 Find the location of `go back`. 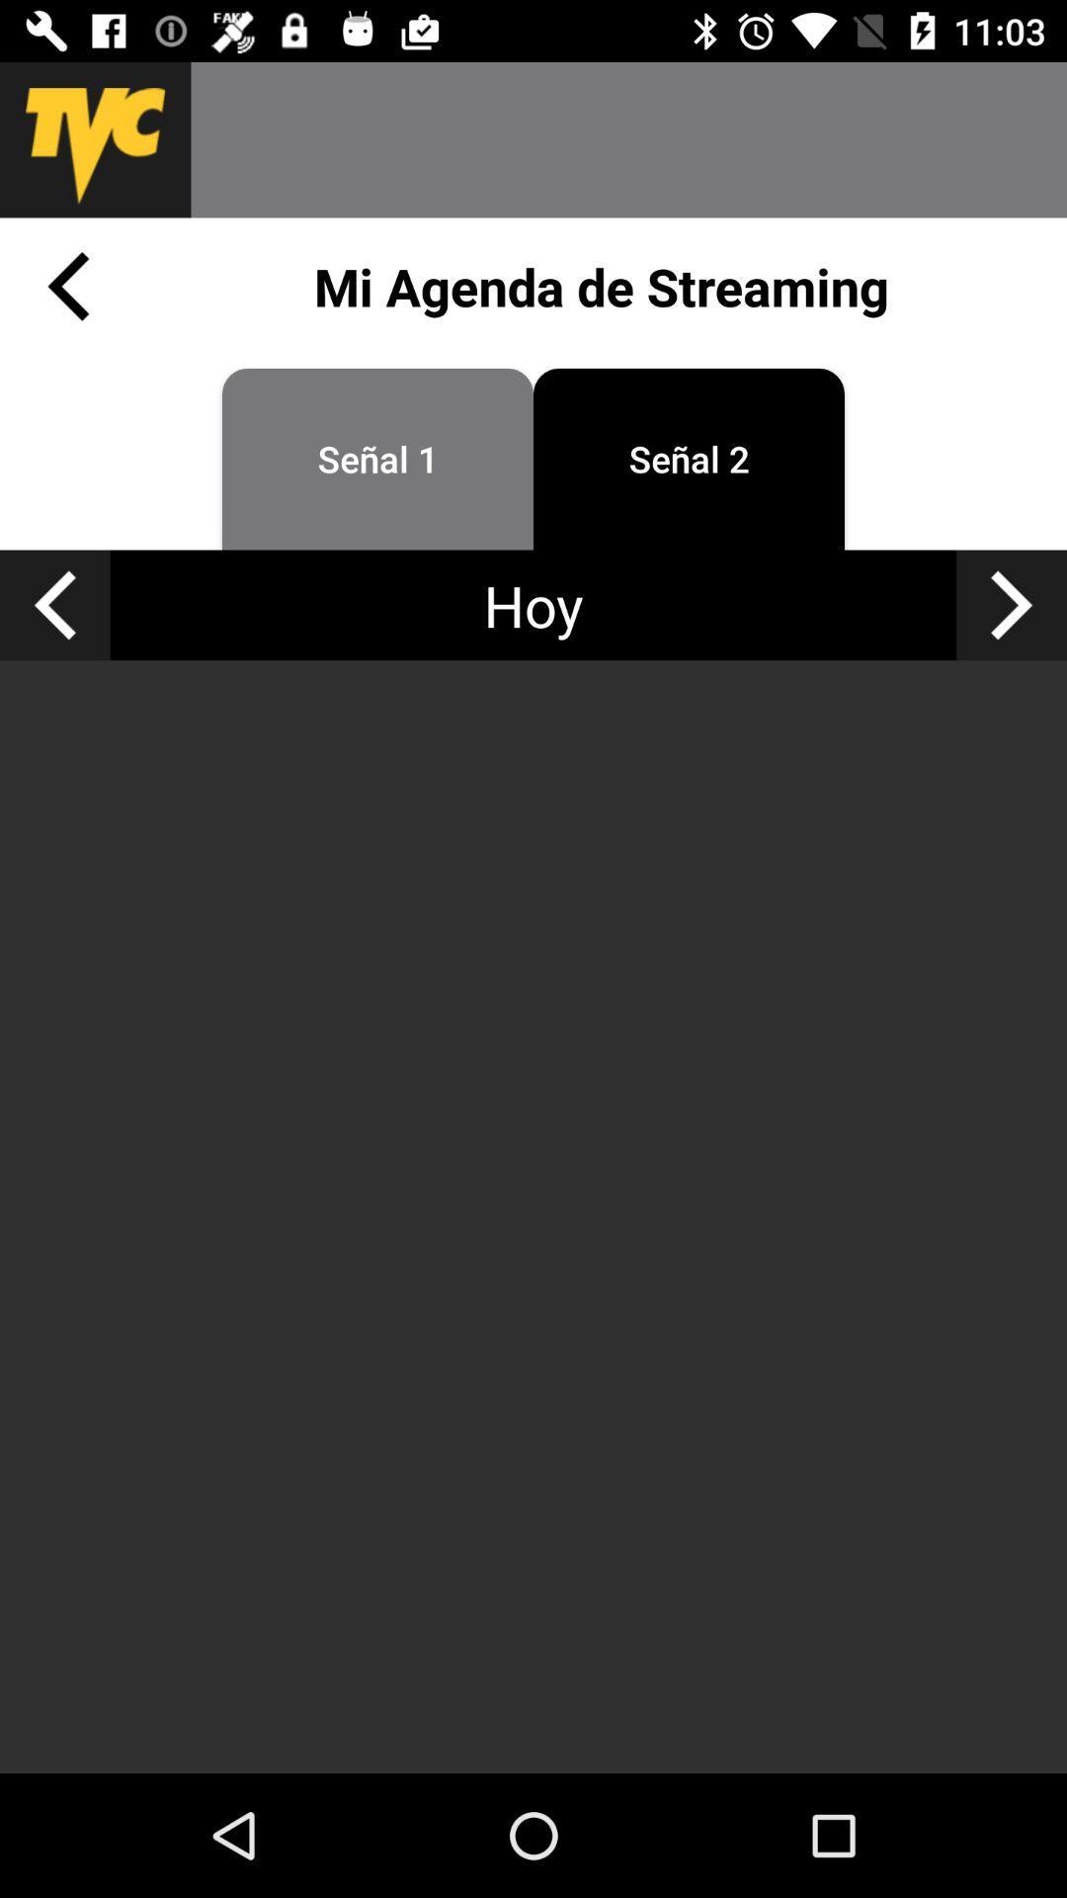

go back is located at coordinates (67, 285).